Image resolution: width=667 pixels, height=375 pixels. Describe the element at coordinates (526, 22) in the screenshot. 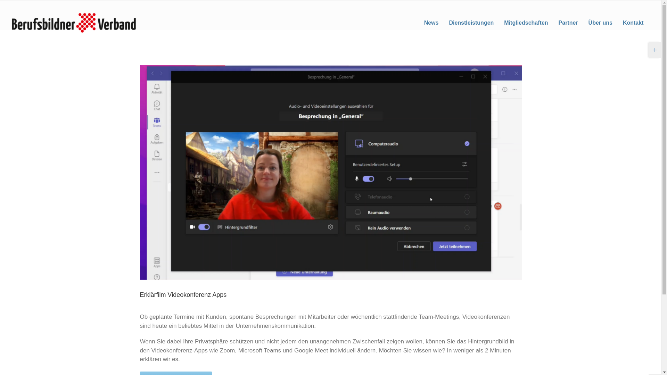

I see `'Mitgliedschaften'` at that location.